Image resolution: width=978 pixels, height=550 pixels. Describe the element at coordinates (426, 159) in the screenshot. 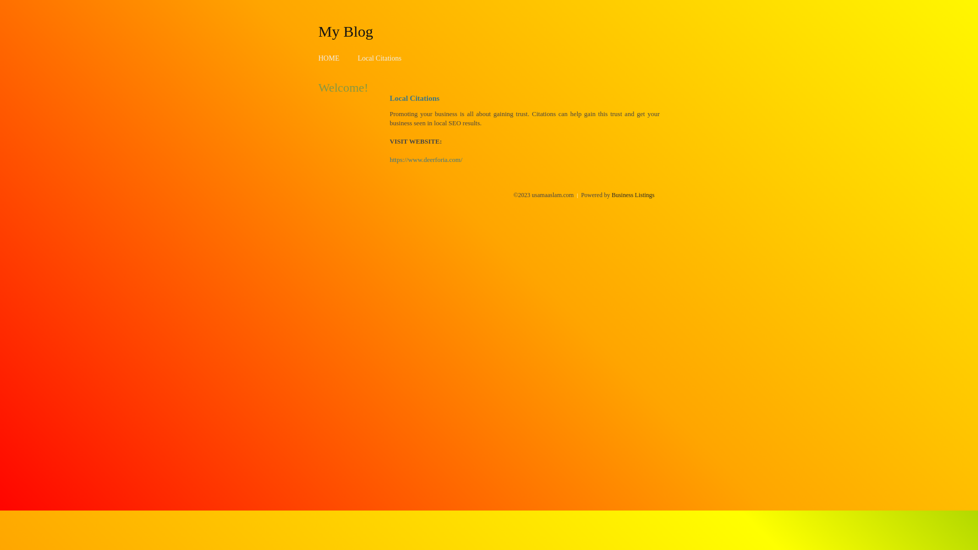

I see `'https://www.deerforia.com/'` at that location.